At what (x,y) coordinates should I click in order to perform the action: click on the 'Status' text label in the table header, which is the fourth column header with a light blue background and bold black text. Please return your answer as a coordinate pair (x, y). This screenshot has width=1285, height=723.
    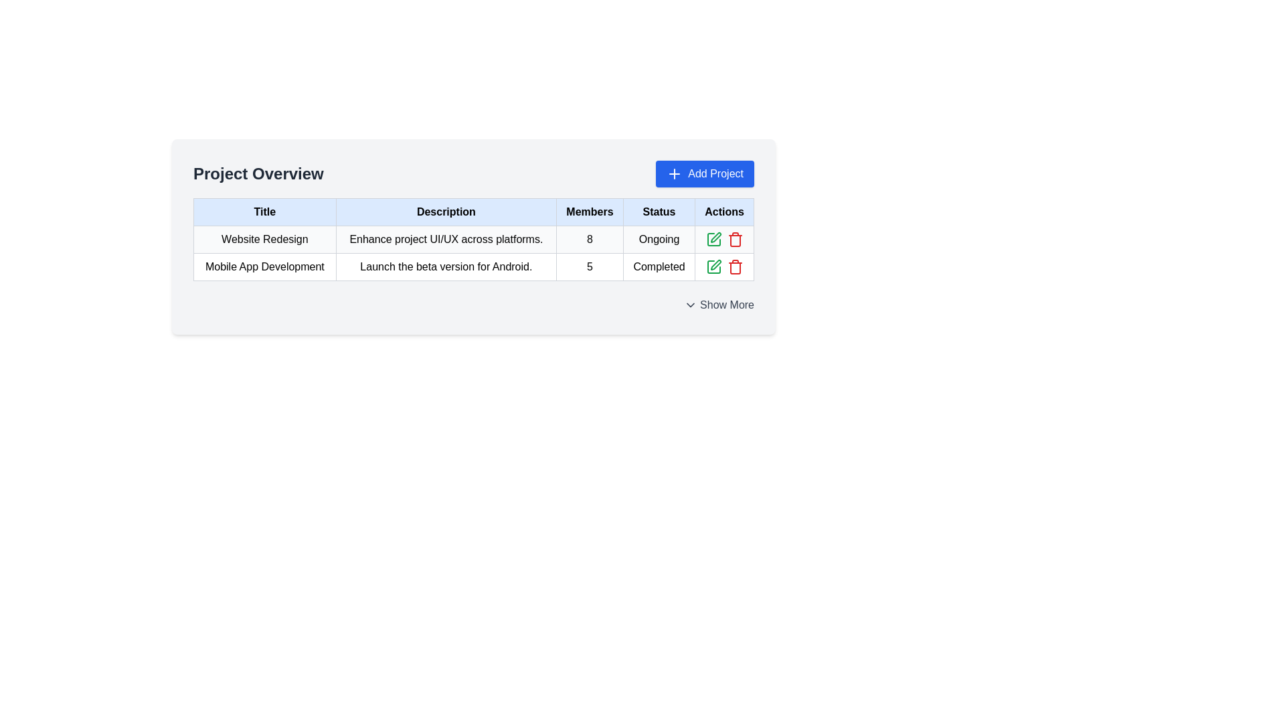
    Looking at the image, I should click on (659, 211).